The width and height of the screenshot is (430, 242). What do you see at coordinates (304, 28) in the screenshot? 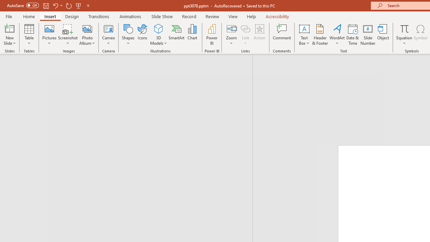
I see `'Draw Horizontal Text Box'` at bounding box center [304, 28].